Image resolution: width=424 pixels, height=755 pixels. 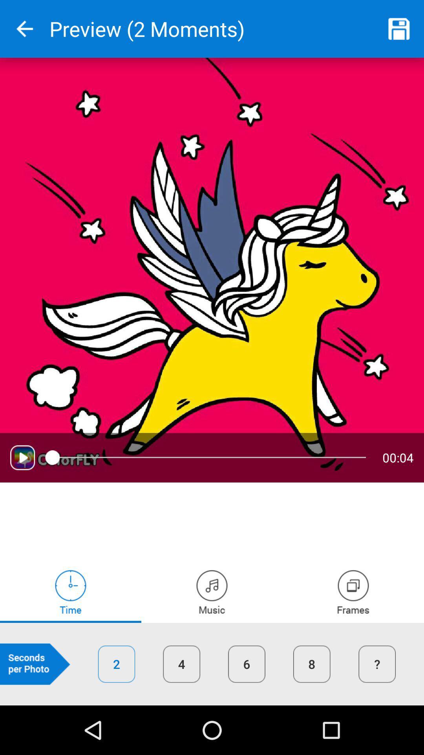 I want to click on the microphone icon, so click(x=71, y=592).